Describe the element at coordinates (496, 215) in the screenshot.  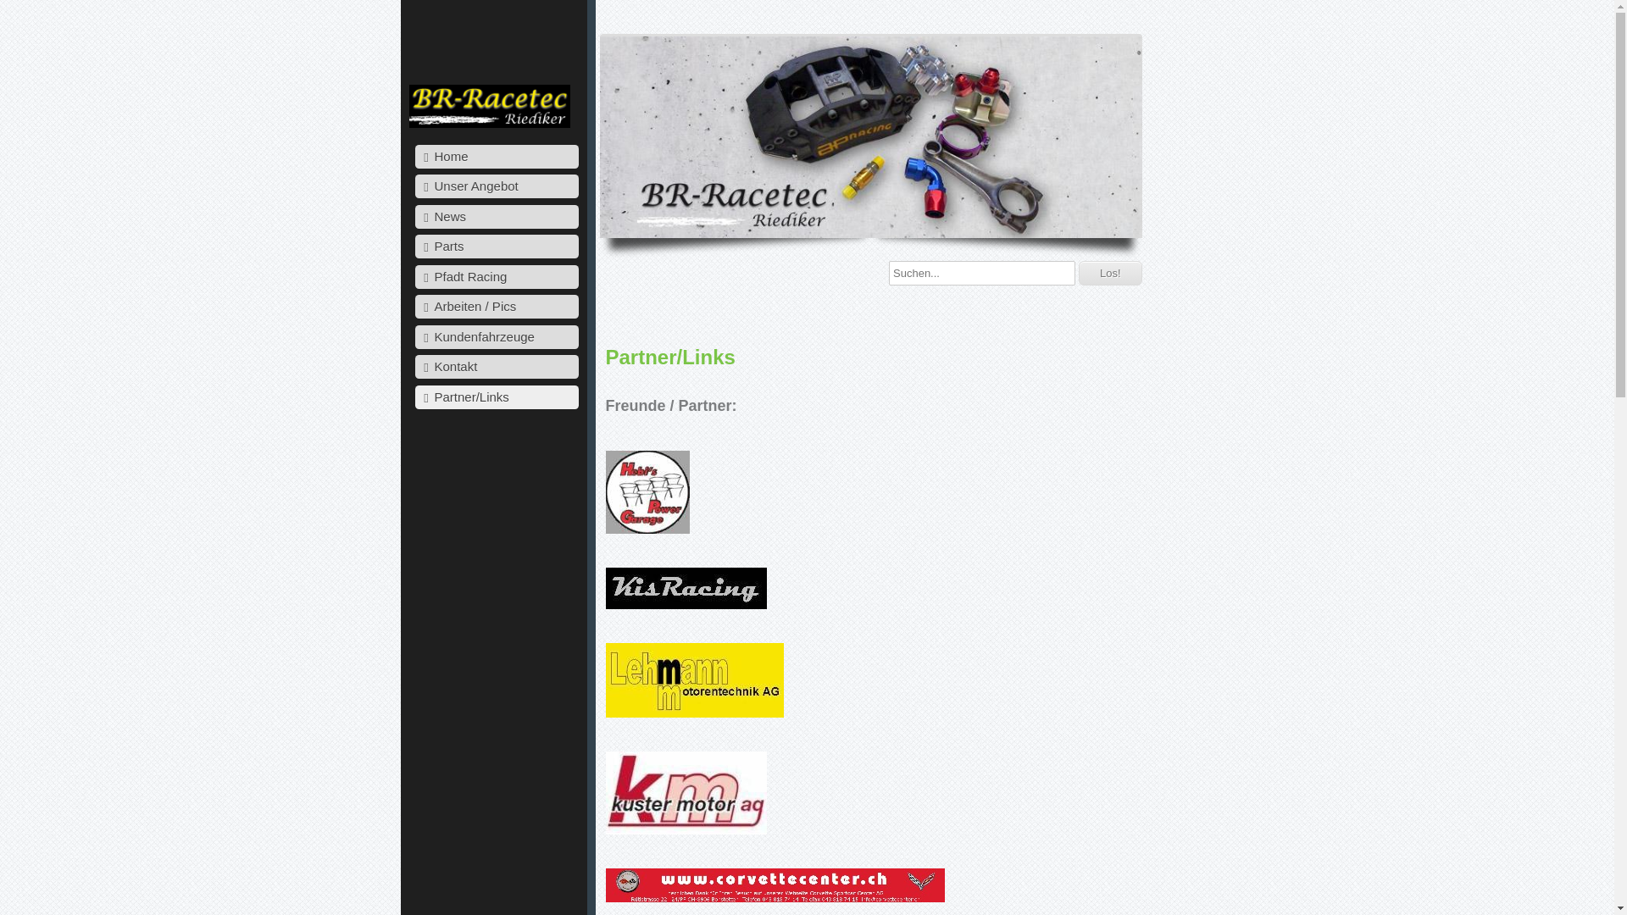
I see `'News'` at that location.